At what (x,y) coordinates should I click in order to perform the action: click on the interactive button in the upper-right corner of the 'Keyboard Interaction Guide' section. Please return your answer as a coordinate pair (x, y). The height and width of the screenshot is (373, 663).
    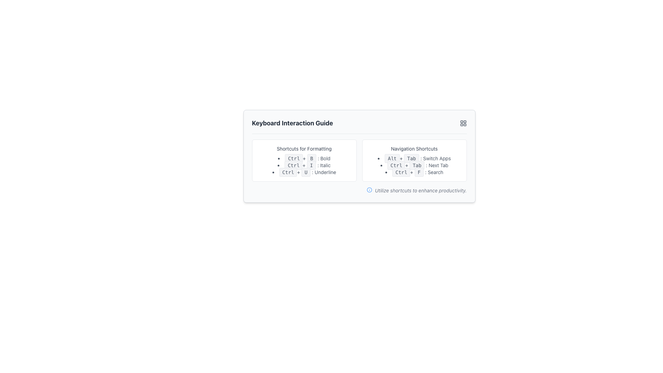
    Looking at the image, I should click on (463, 123).